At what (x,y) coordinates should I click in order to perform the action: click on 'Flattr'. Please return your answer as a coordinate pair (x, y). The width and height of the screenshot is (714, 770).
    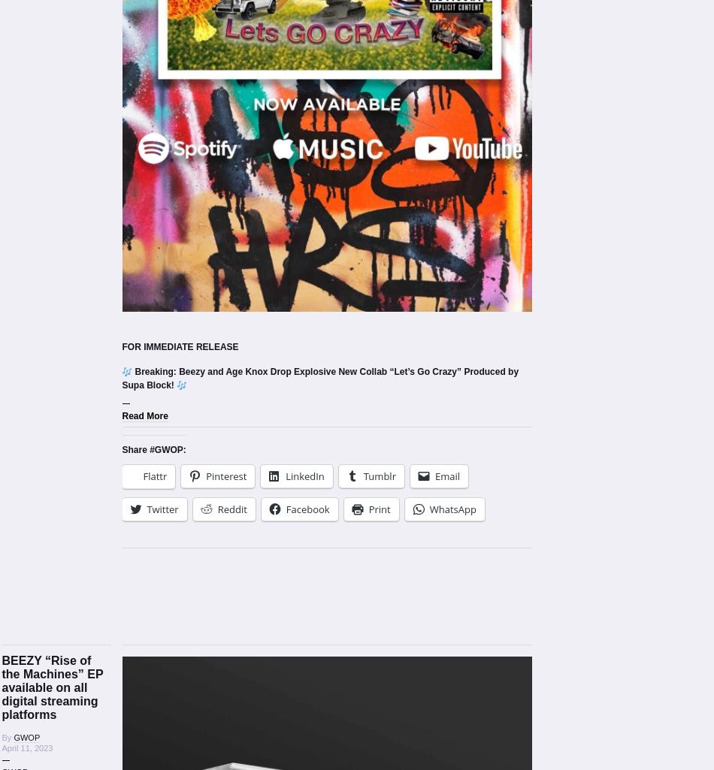
    Looking at the image, I should click on (154, 475).